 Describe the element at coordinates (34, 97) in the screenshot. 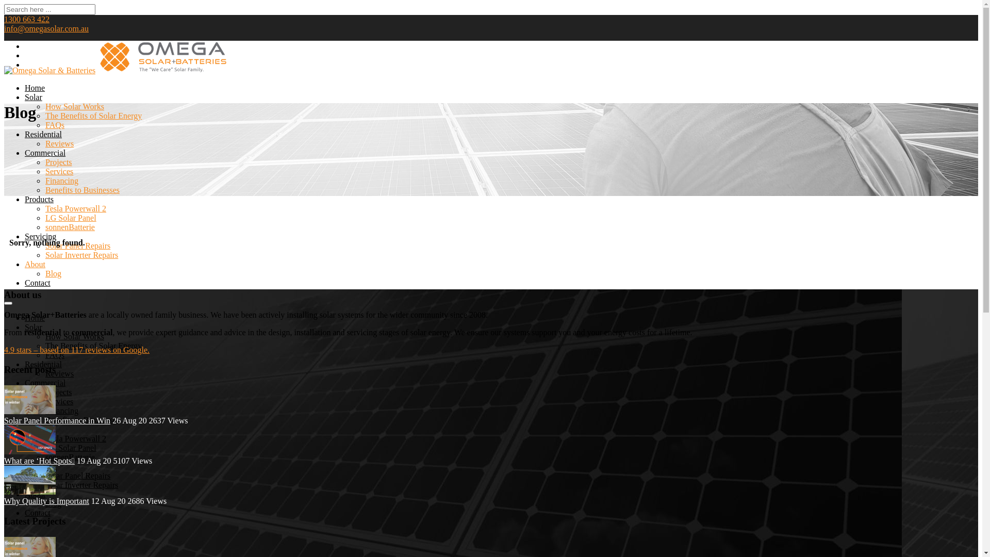

I see `'Solar'` at that location.